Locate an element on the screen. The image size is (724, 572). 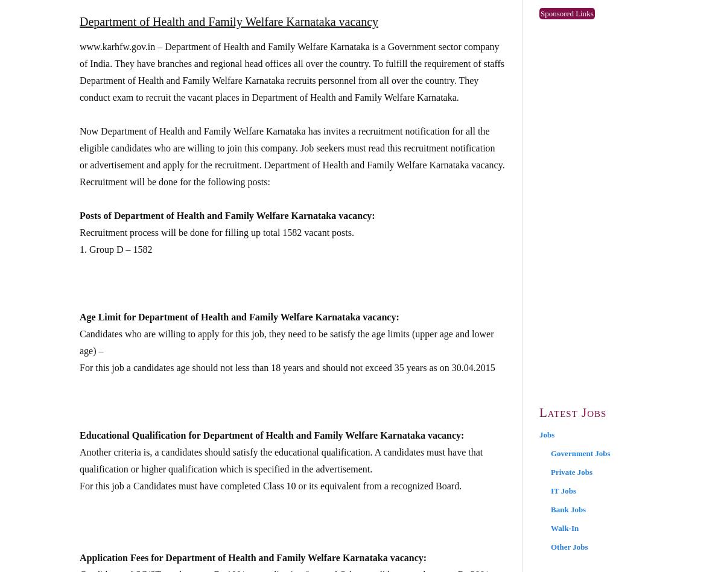
'Educational Qualification for Department of Health and Family Welfare Karnataka vacancy:' is located at coordinates (271, 435).